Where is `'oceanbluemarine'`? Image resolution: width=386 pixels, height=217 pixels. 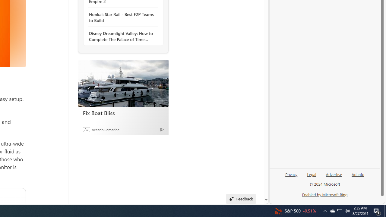 'oceanbluemarine' is located at coordinates (106, 129).